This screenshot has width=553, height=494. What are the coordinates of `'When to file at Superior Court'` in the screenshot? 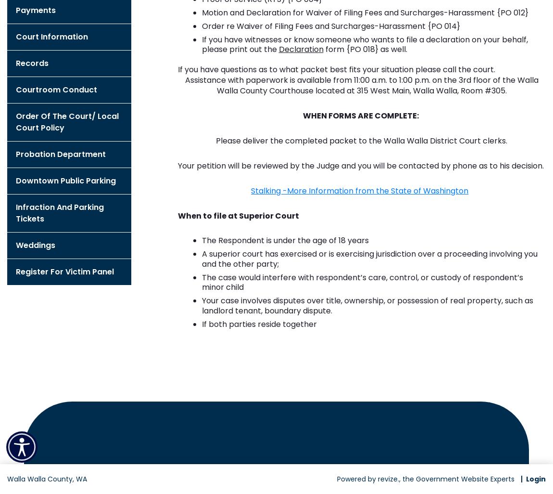 It's located at (238, 216).